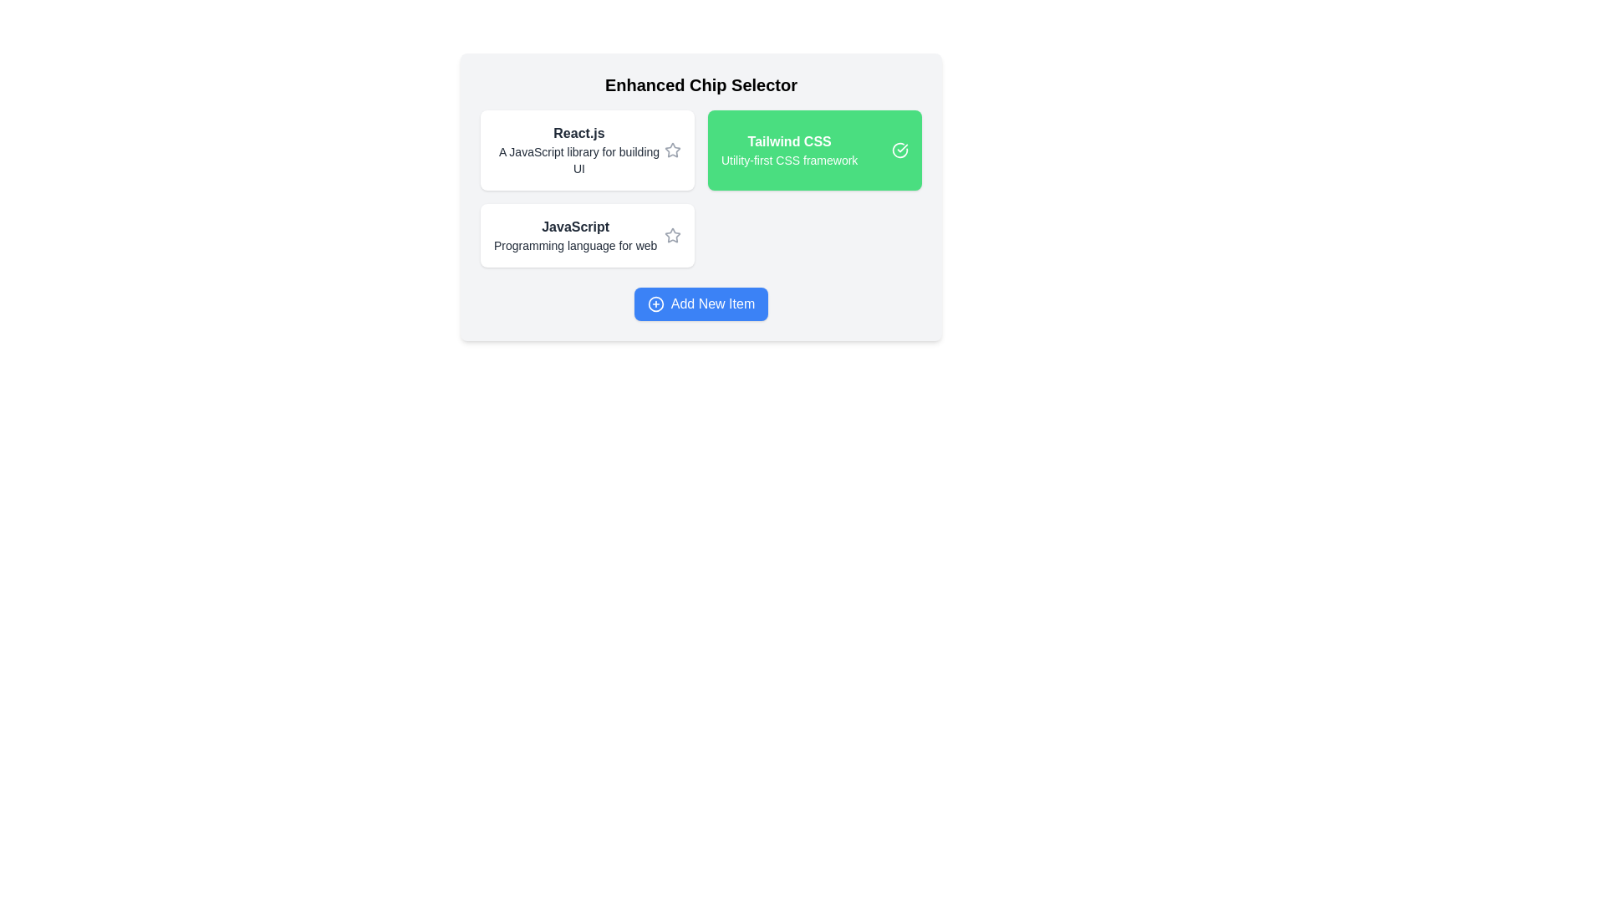 This screenshot has height=903, width=1605. I want to click on descriptive text label about 'React.js' located below the title within the information card, so click(578, 161).